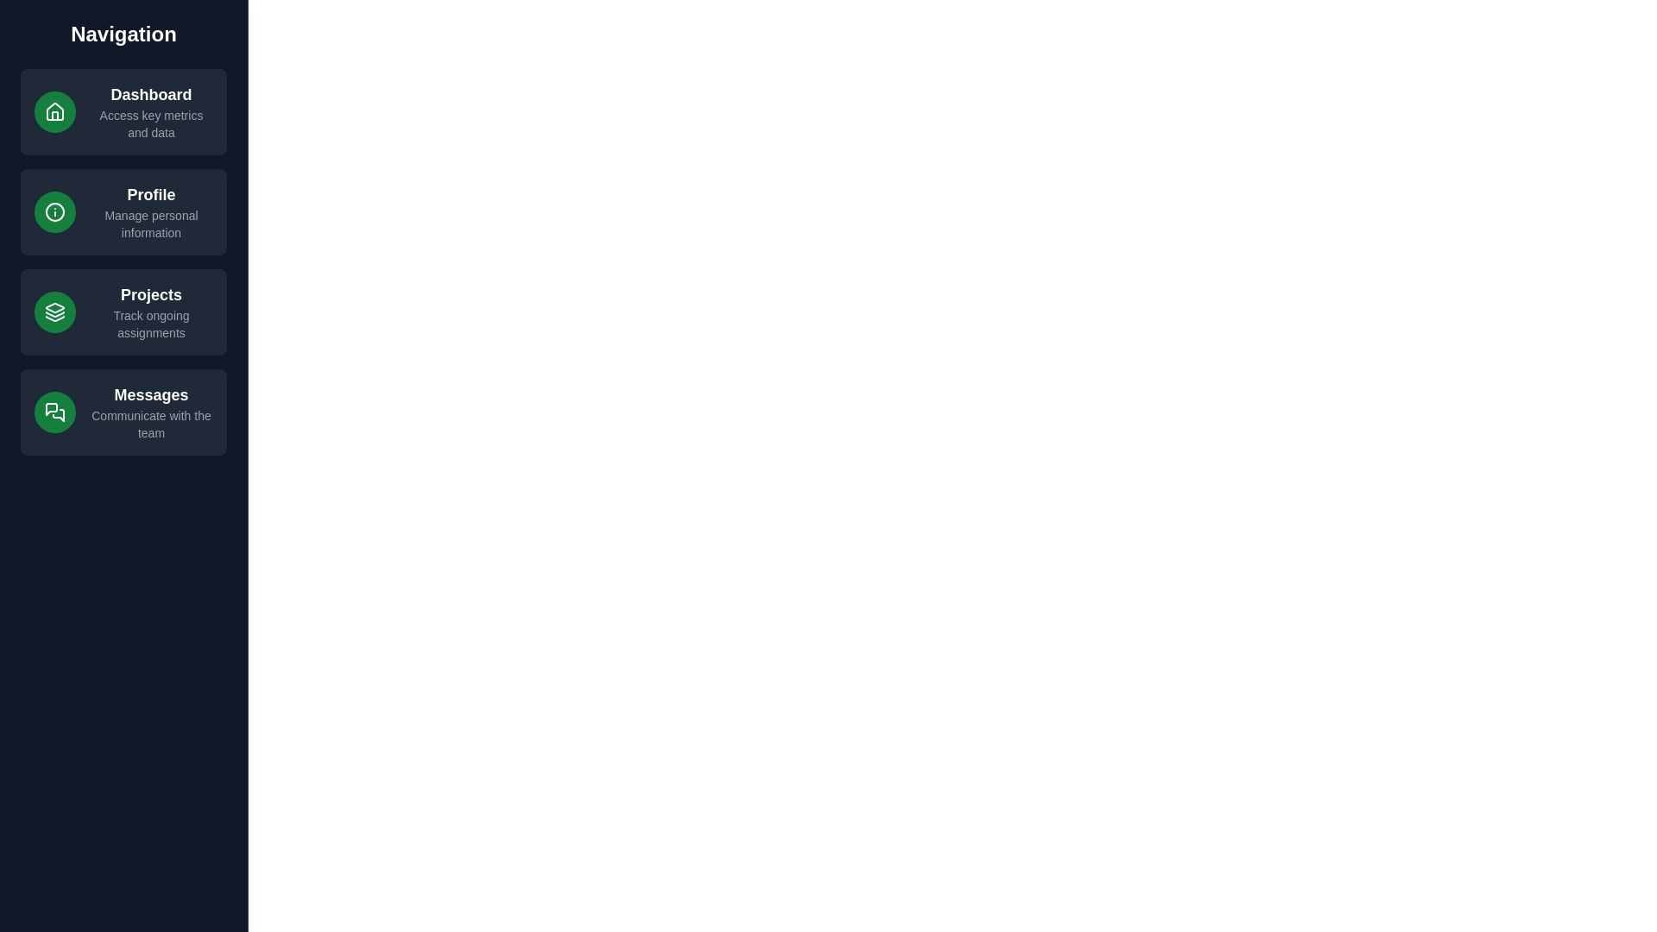 The image size is (1657, 932). What do you see at coordinates (123, 312) in the screenshot?
I see `the navigation item Projects to access its section` at bounding box center [123, 312].